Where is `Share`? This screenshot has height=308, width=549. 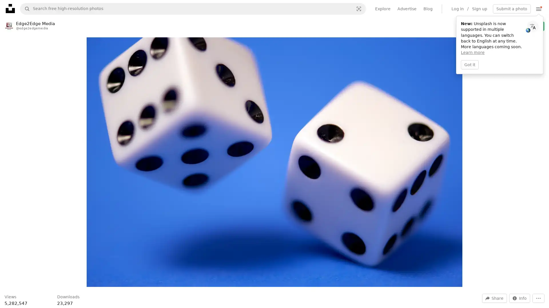
Share is located at coordinates (494, 298).